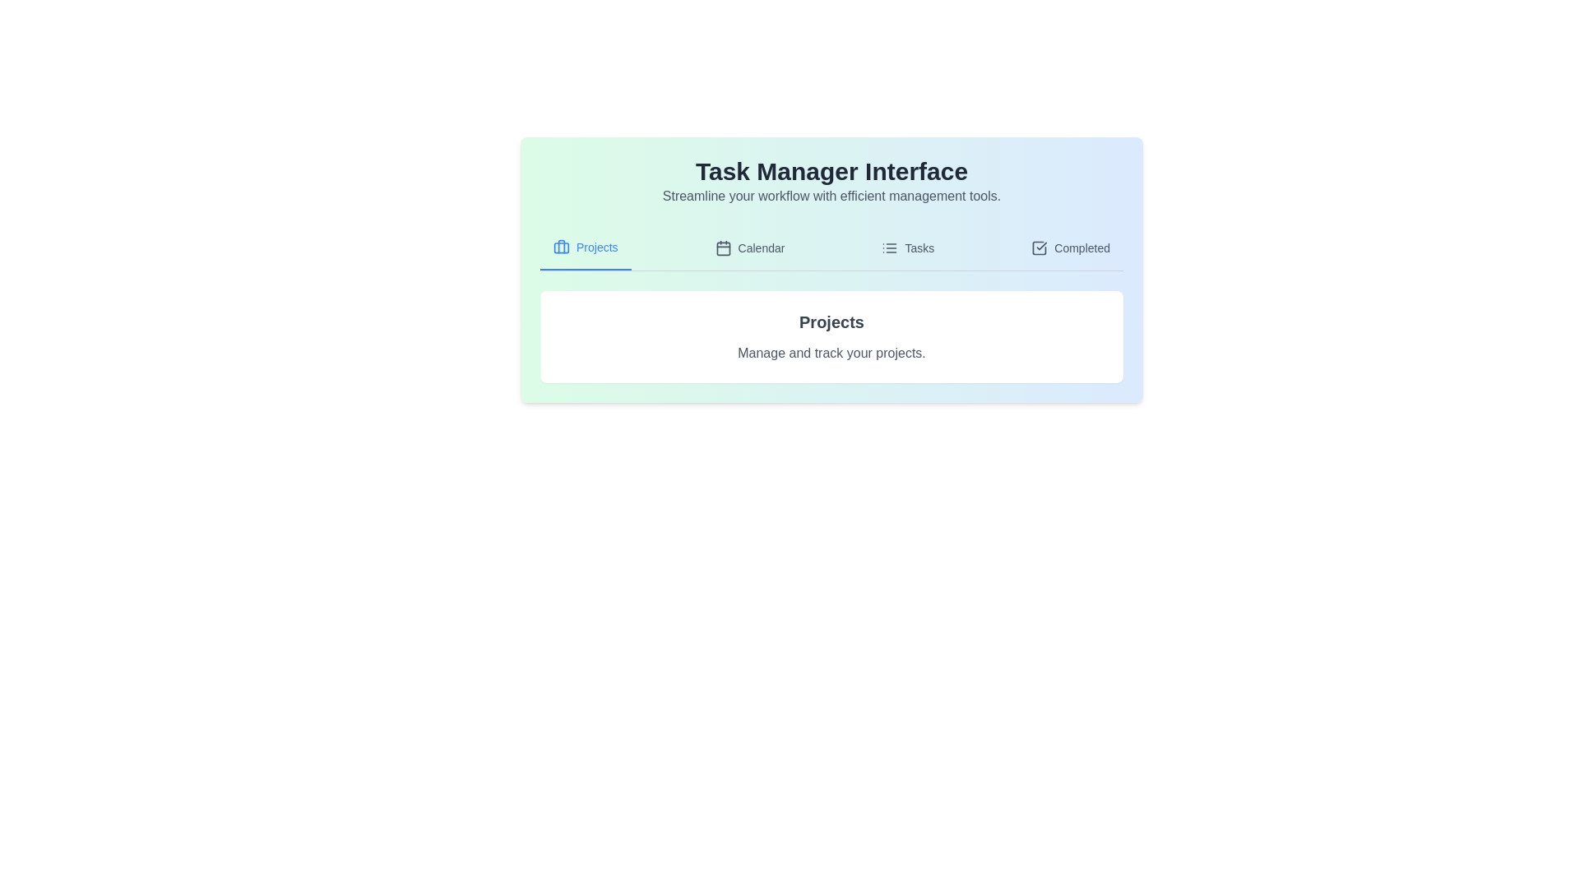  What do you see at coordinates (749, 247) in the screenshot?
I see `the tab labeled 'Calendar' to observe the visual cue` at bounding box center [749, 247].